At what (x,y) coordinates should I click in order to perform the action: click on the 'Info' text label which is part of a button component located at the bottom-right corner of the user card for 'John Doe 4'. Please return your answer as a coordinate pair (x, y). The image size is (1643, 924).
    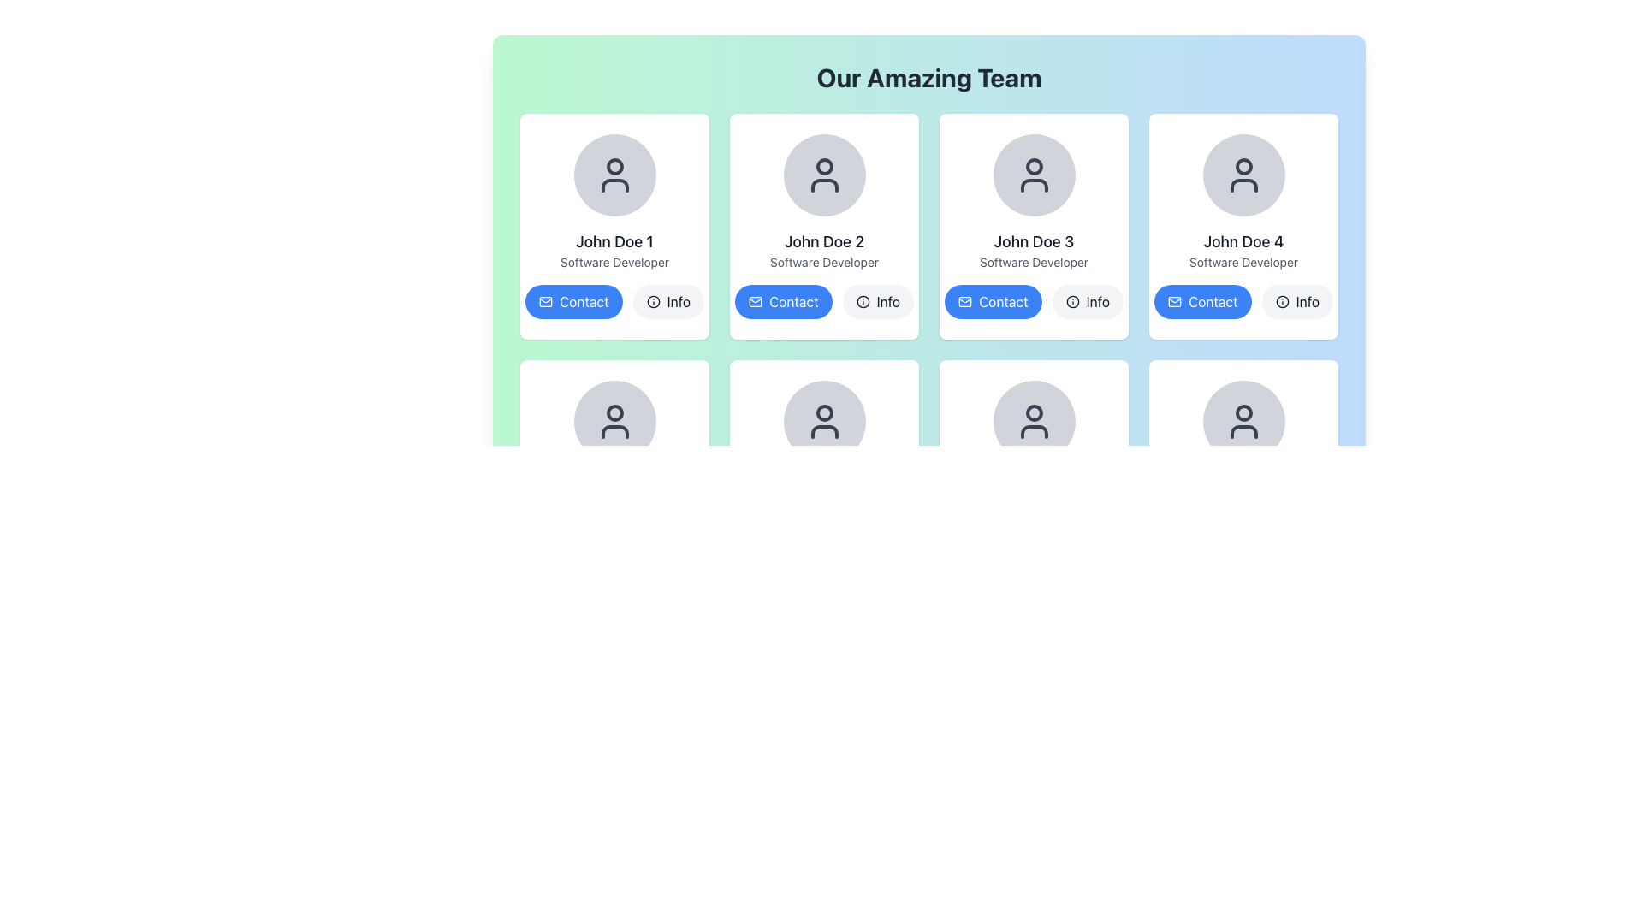
    Looking at the image, I should click on (1307, 301).